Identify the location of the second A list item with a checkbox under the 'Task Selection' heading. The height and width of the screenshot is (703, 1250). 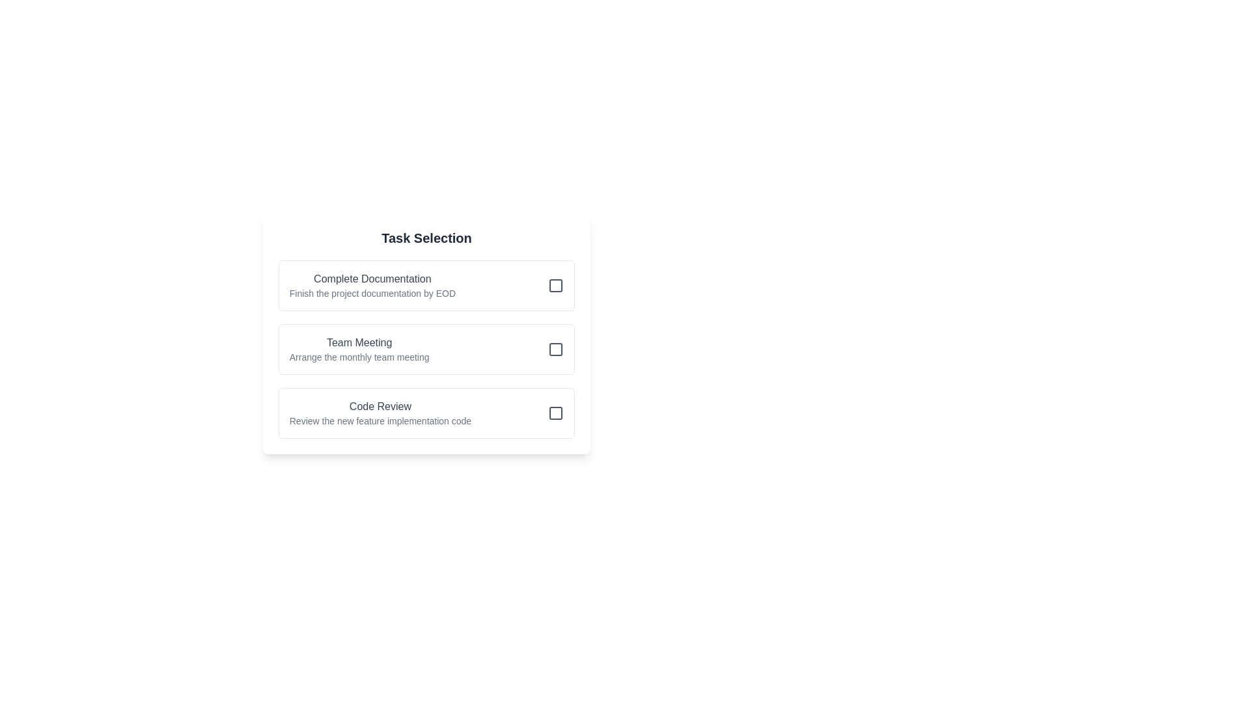
(426, 348).